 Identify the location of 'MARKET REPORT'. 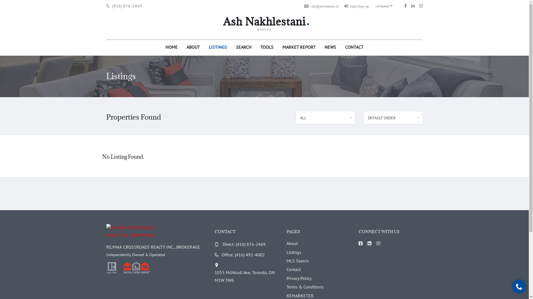
(278, 46).